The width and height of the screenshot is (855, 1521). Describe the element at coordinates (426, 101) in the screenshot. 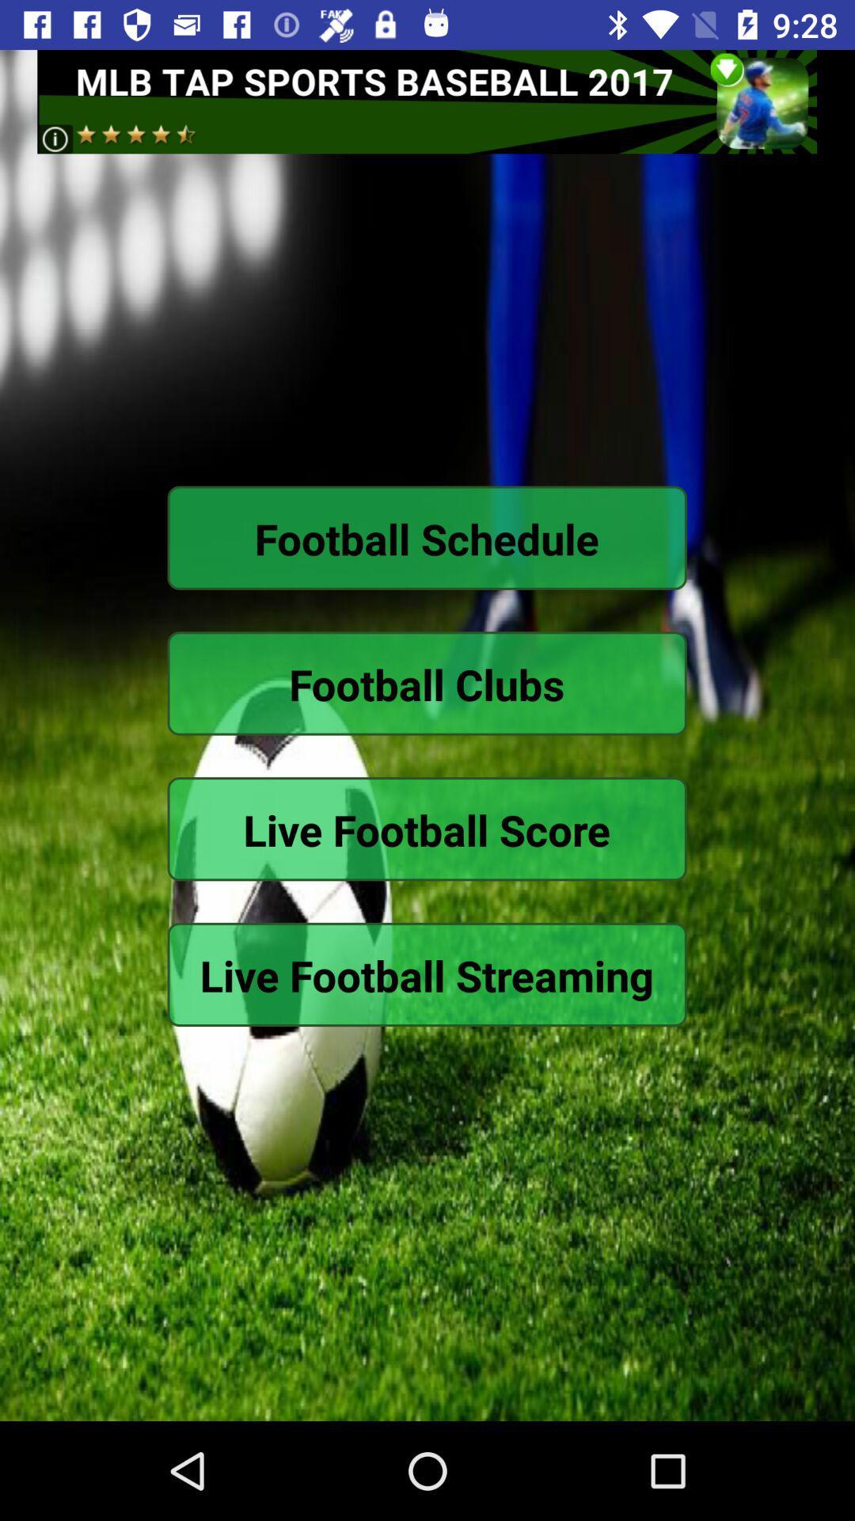

I see `the addvertisement` at that location.